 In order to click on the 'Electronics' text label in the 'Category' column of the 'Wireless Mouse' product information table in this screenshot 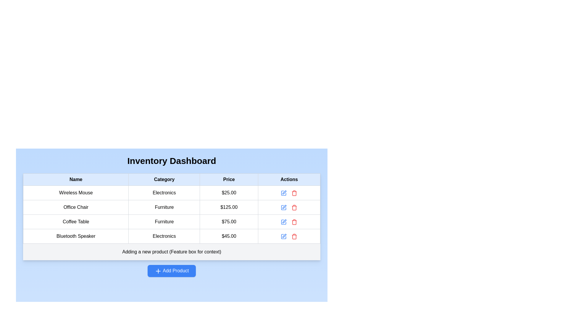, I will do `click(164, 193)`.